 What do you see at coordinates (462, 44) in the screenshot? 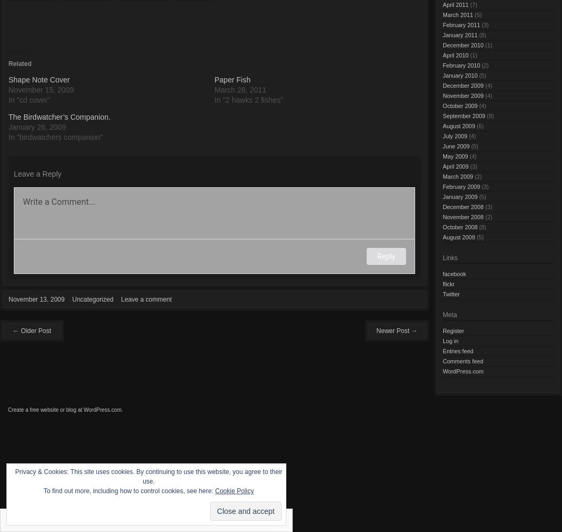
I see `'December 2010'` at bounding box center [462, 44].